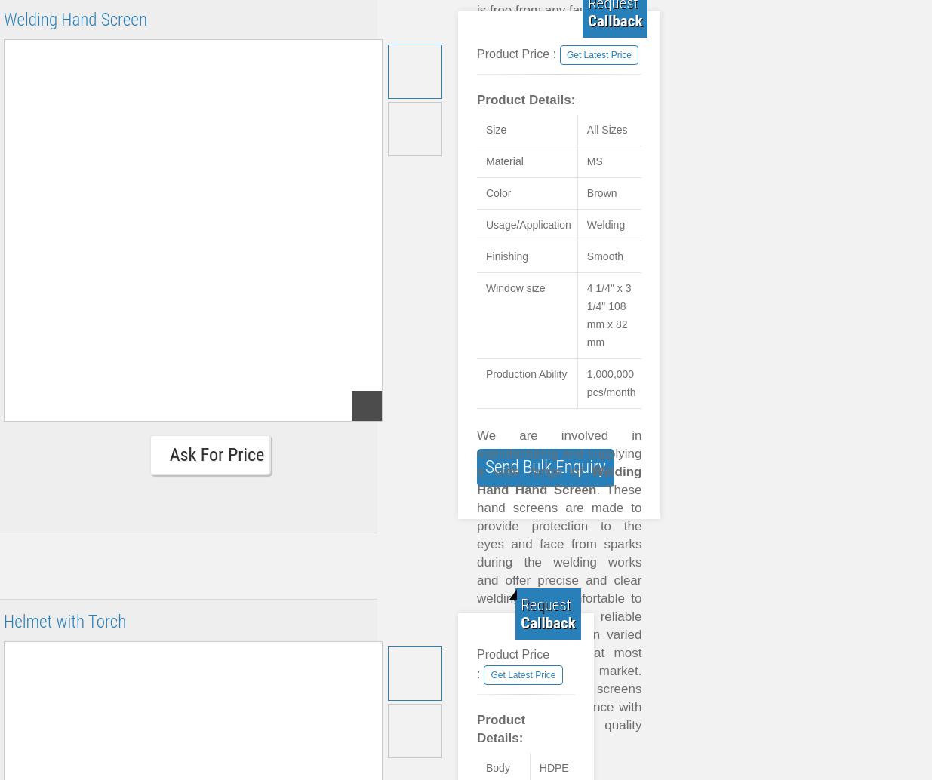  What do you see at coordinates (497, 173) in the screenshot?
I see `'Perfect finish'` at bounding box center [497, 173].